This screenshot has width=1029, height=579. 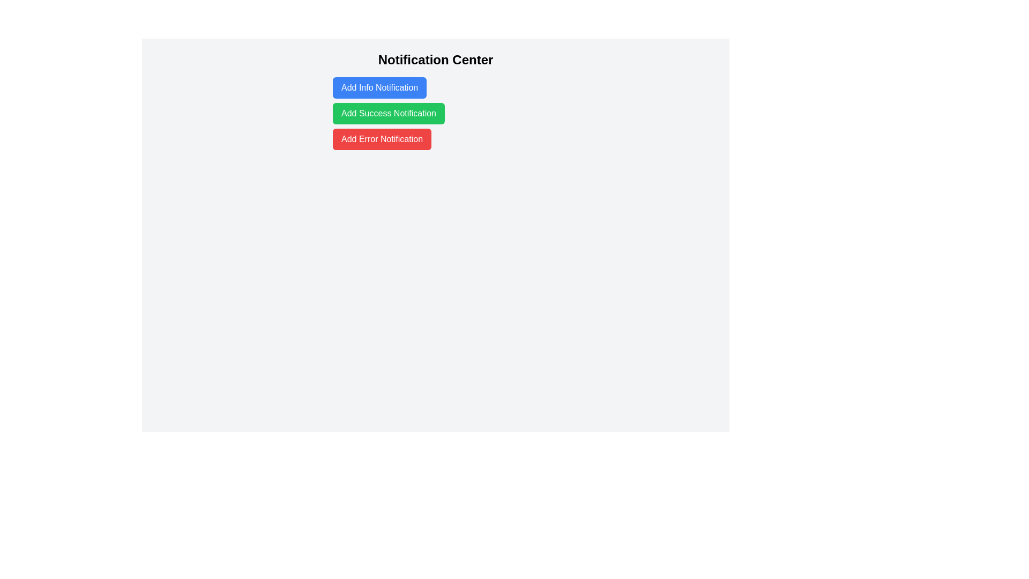 I want to click on the green 'Add Success Notification' button, which is the second button in the Notification Center, so click(x=388, y=114).